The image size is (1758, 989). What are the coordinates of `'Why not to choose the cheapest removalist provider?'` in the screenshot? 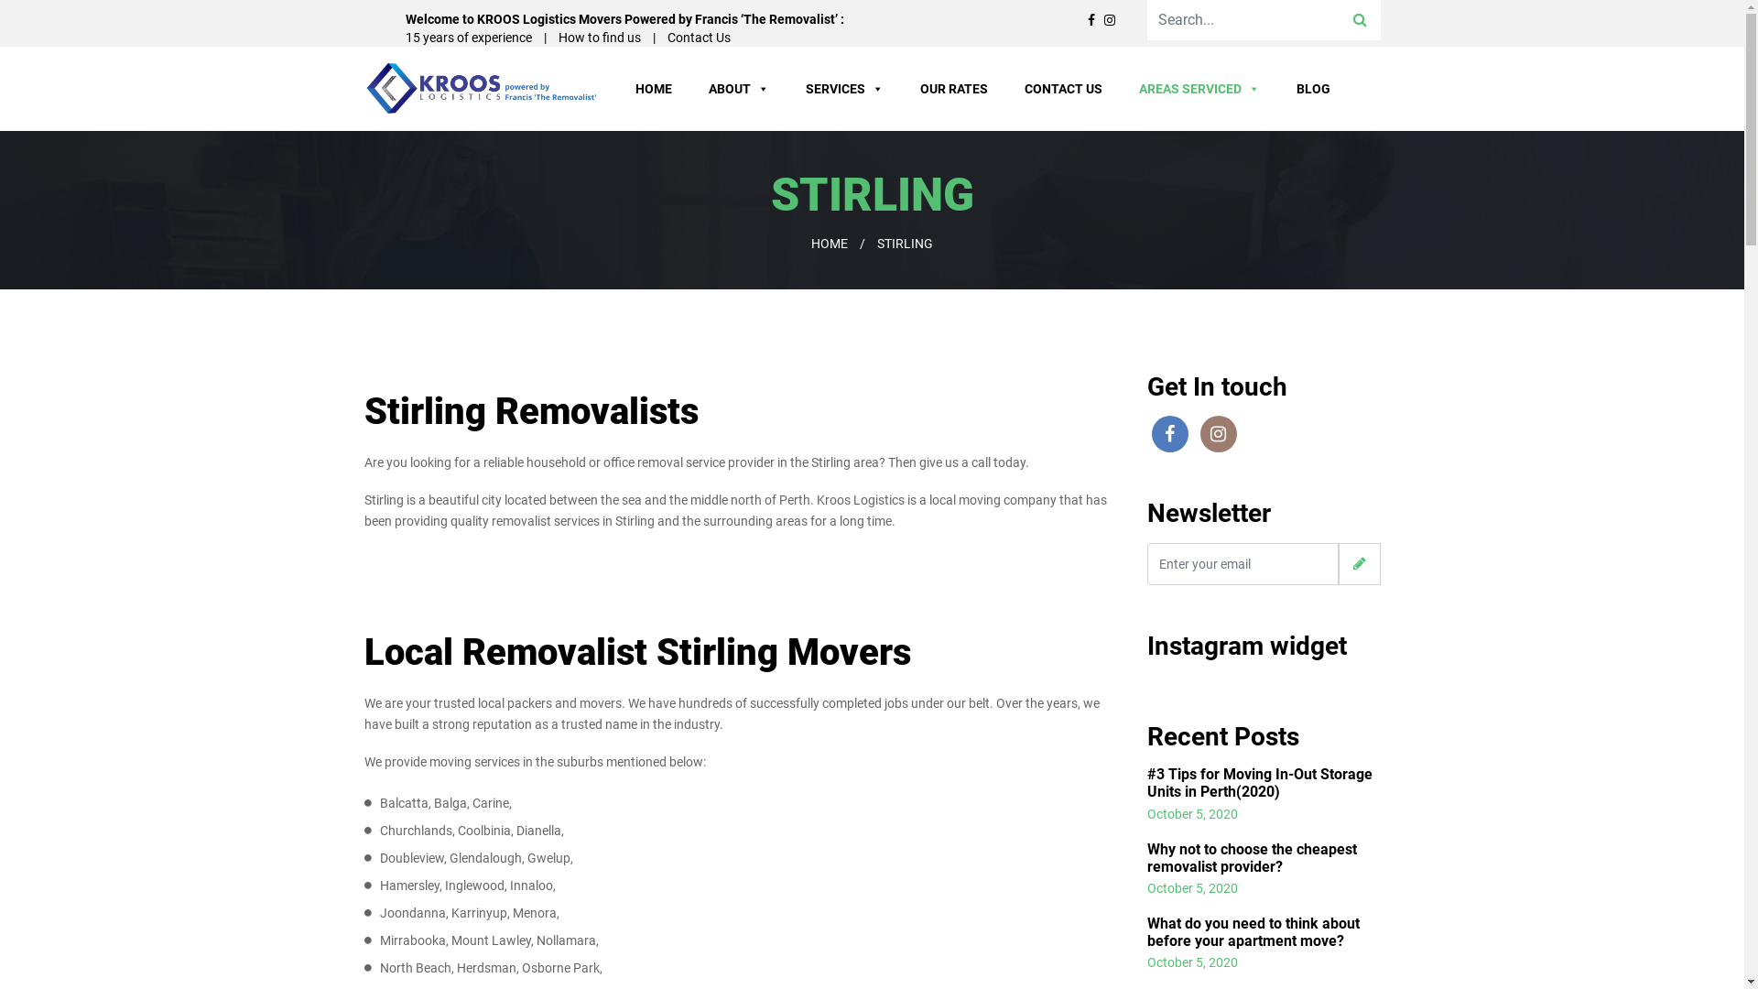 It's located at (1250, 858).